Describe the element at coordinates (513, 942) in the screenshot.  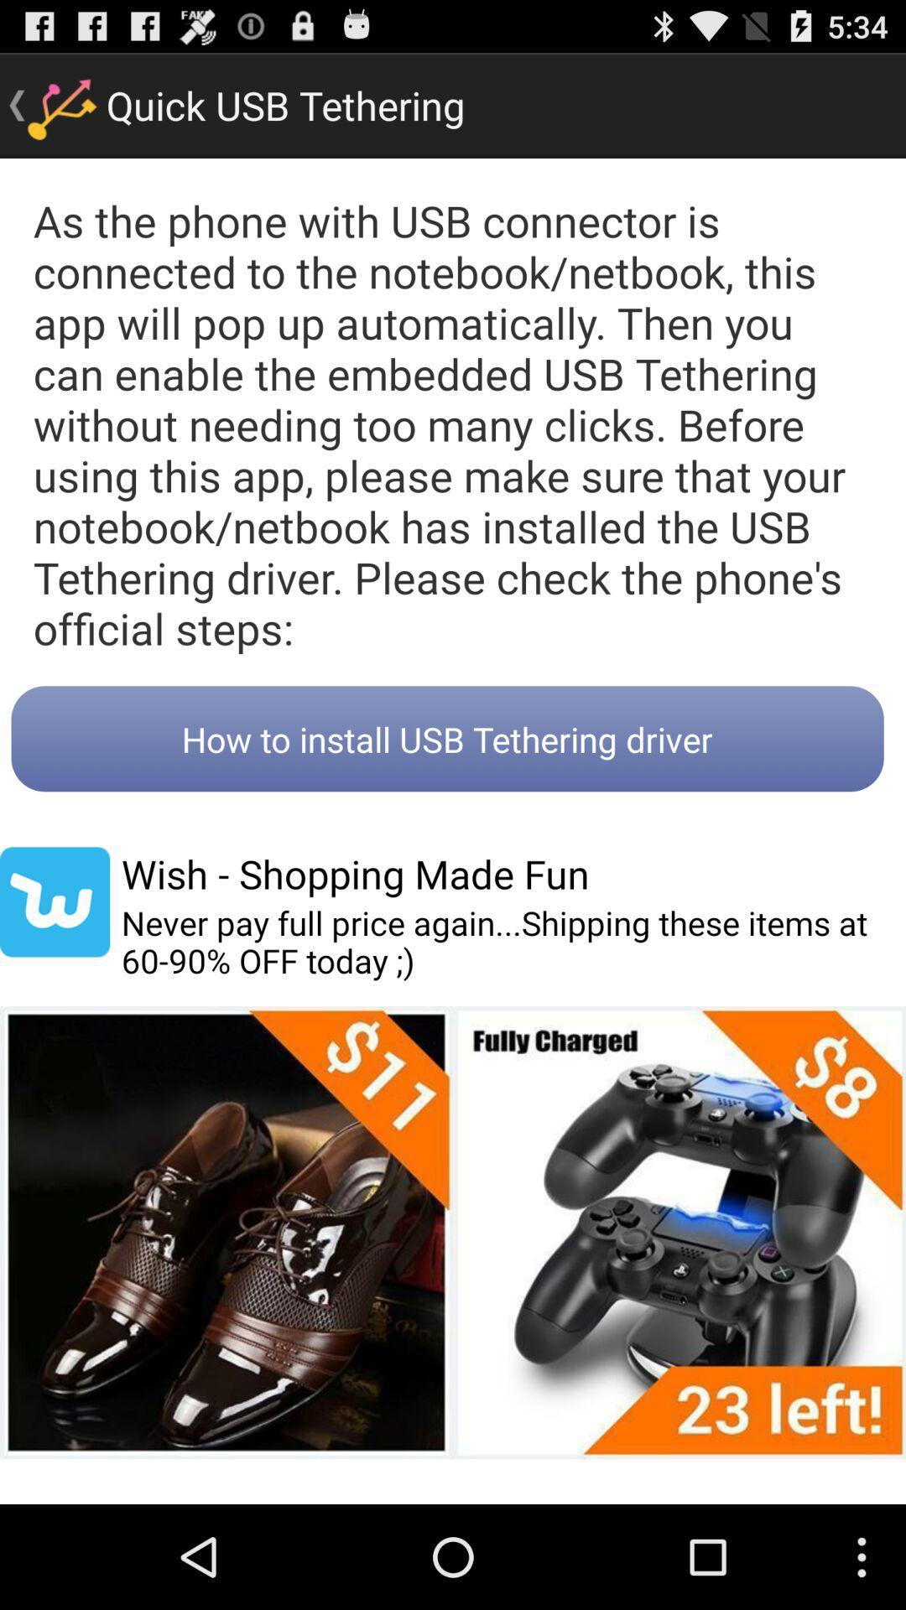
I see `the item below wish shopping made item` at that location.